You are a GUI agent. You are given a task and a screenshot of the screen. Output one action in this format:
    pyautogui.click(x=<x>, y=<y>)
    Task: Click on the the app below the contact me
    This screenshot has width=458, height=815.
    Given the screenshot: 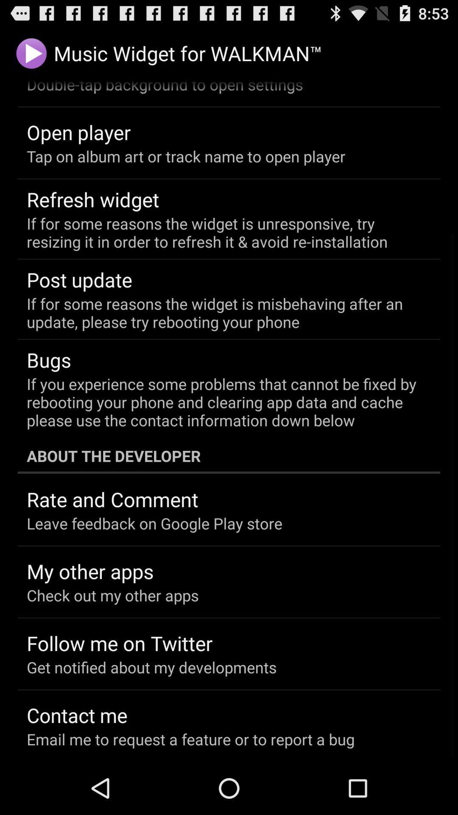 What is the action you would take?
    pyautogui.click(x=190, y=739)
    